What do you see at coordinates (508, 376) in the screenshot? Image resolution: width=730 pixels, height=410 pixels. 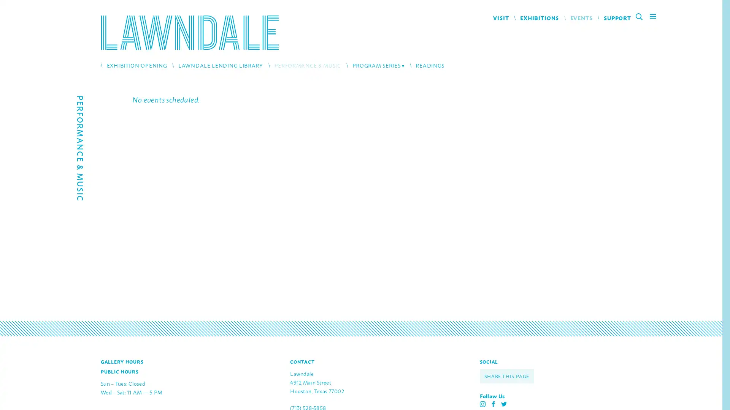 I see `SHARE THIS PAGE` at bounding box center [508, 376].